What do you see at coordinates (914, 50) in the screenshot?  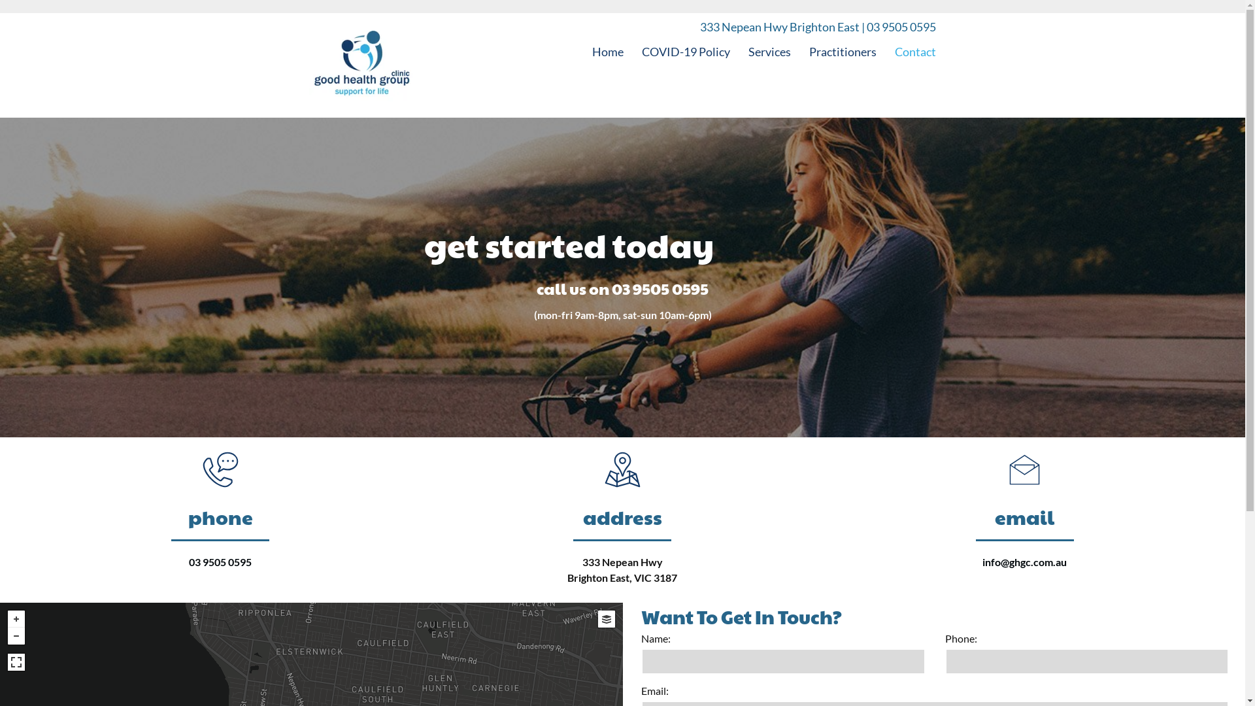 I see `'Contact'` at bounding box center [914, 50].